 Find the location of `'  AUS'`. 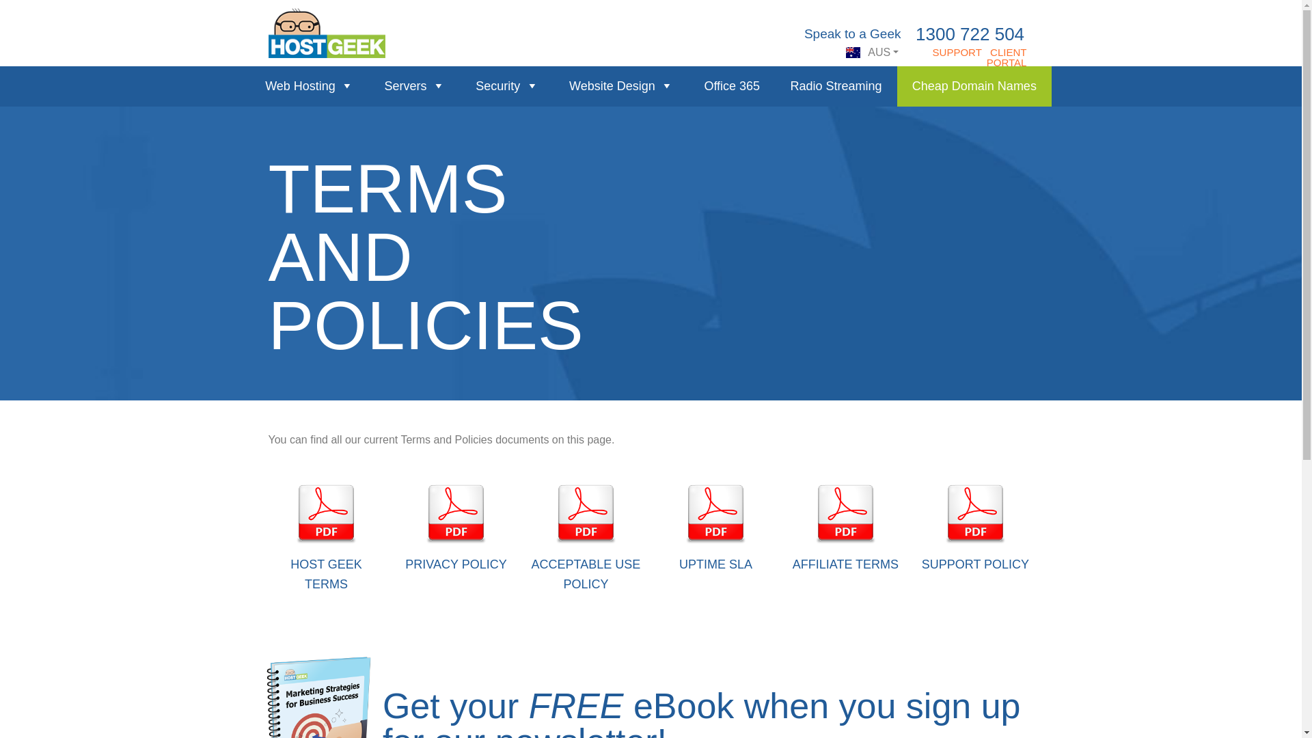

'  AUS' is located at coordinates (871, 52).